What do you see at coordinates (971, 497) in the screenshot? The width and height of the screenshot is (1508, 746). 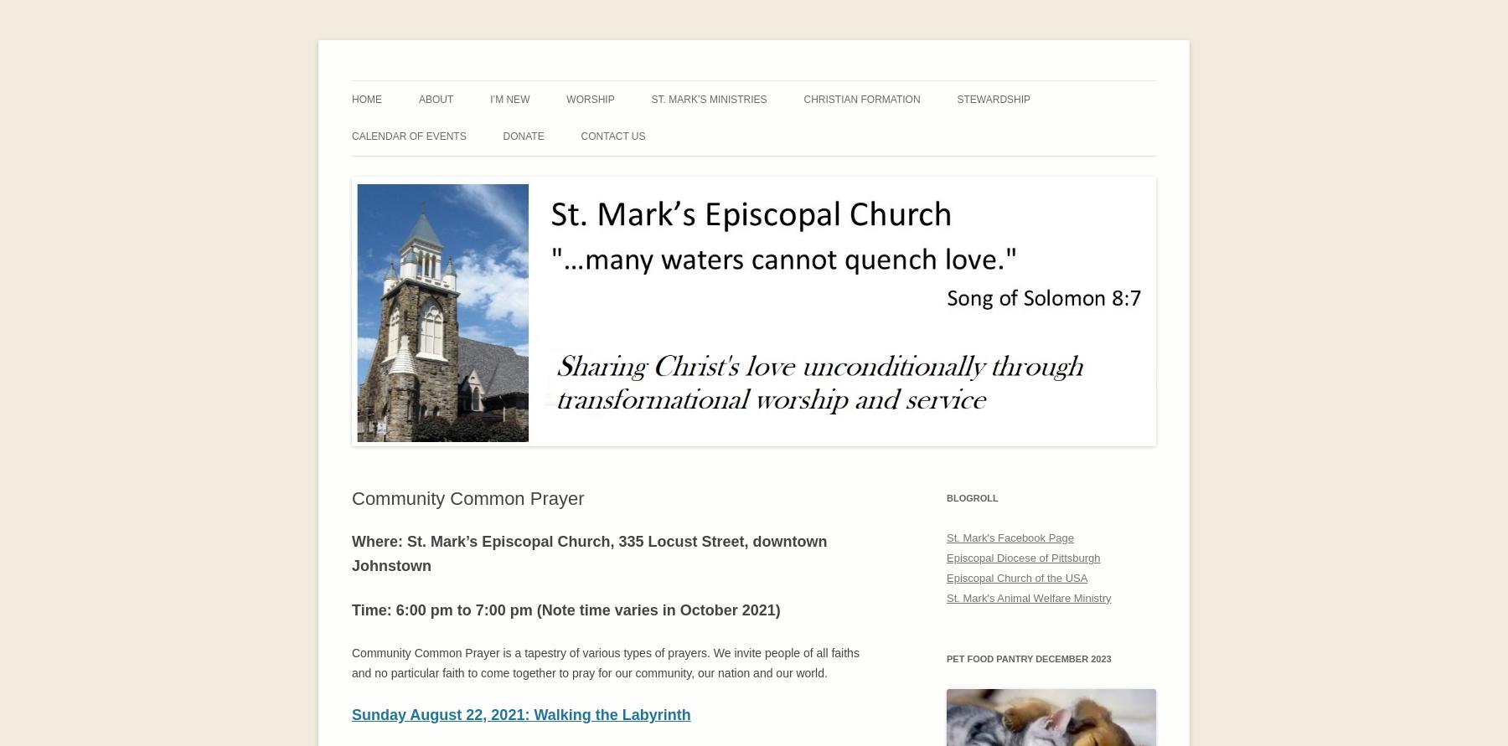 I see `'Blogroll'` at bounding box center [971, 497].